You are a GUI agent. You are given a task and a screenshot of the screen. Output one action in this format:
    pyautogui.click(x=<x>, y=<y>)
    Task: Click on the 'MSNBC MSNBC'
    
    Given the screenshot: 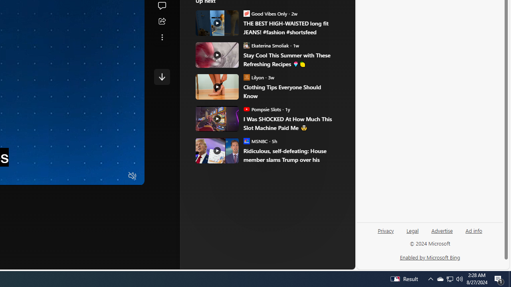 What is the action you would take?
    pyautogui.click(x=255, y=141)
    